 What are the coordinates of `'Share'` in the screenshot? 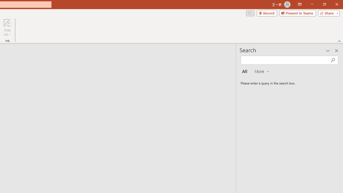 It's located at (327, 13).